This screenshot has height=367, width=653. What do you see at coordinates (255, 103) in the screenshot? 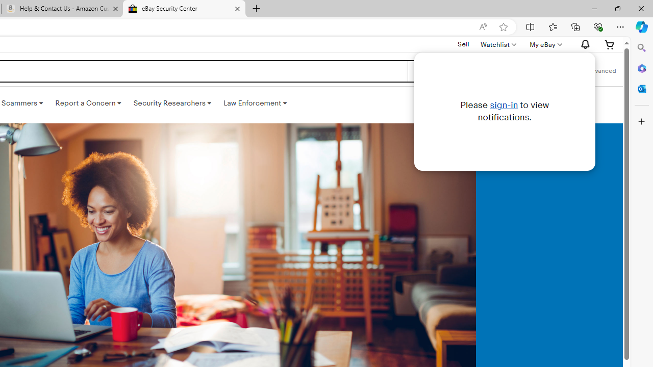
I see `'Law Enforcement '` at bounding box center [255, 103].